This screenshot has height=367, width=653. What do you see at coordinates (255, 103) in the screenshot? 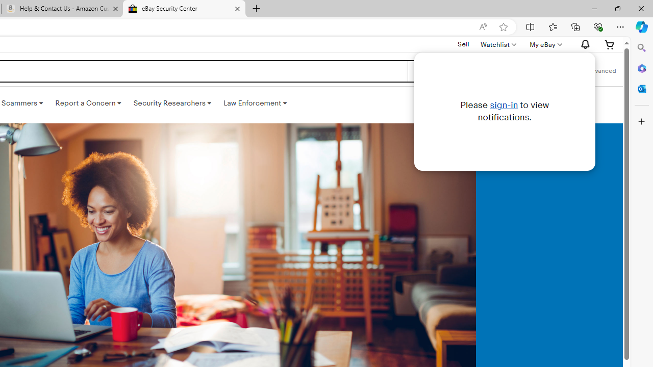
I see `'Law Enforcement '` at bounding box center [255, 103].